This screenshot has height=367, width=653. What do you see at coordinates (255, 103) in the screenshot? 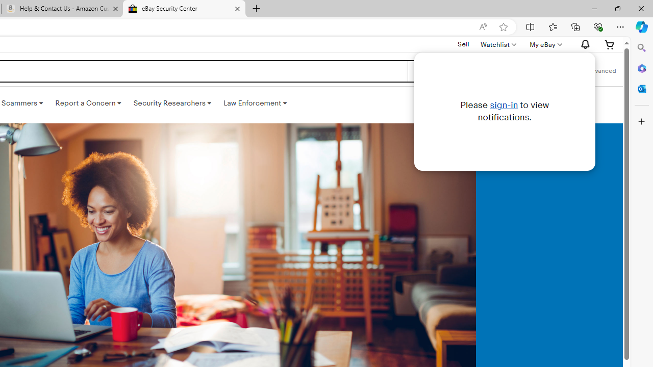
I see `'Law Enforcement '` at bounding box center [255, 103].